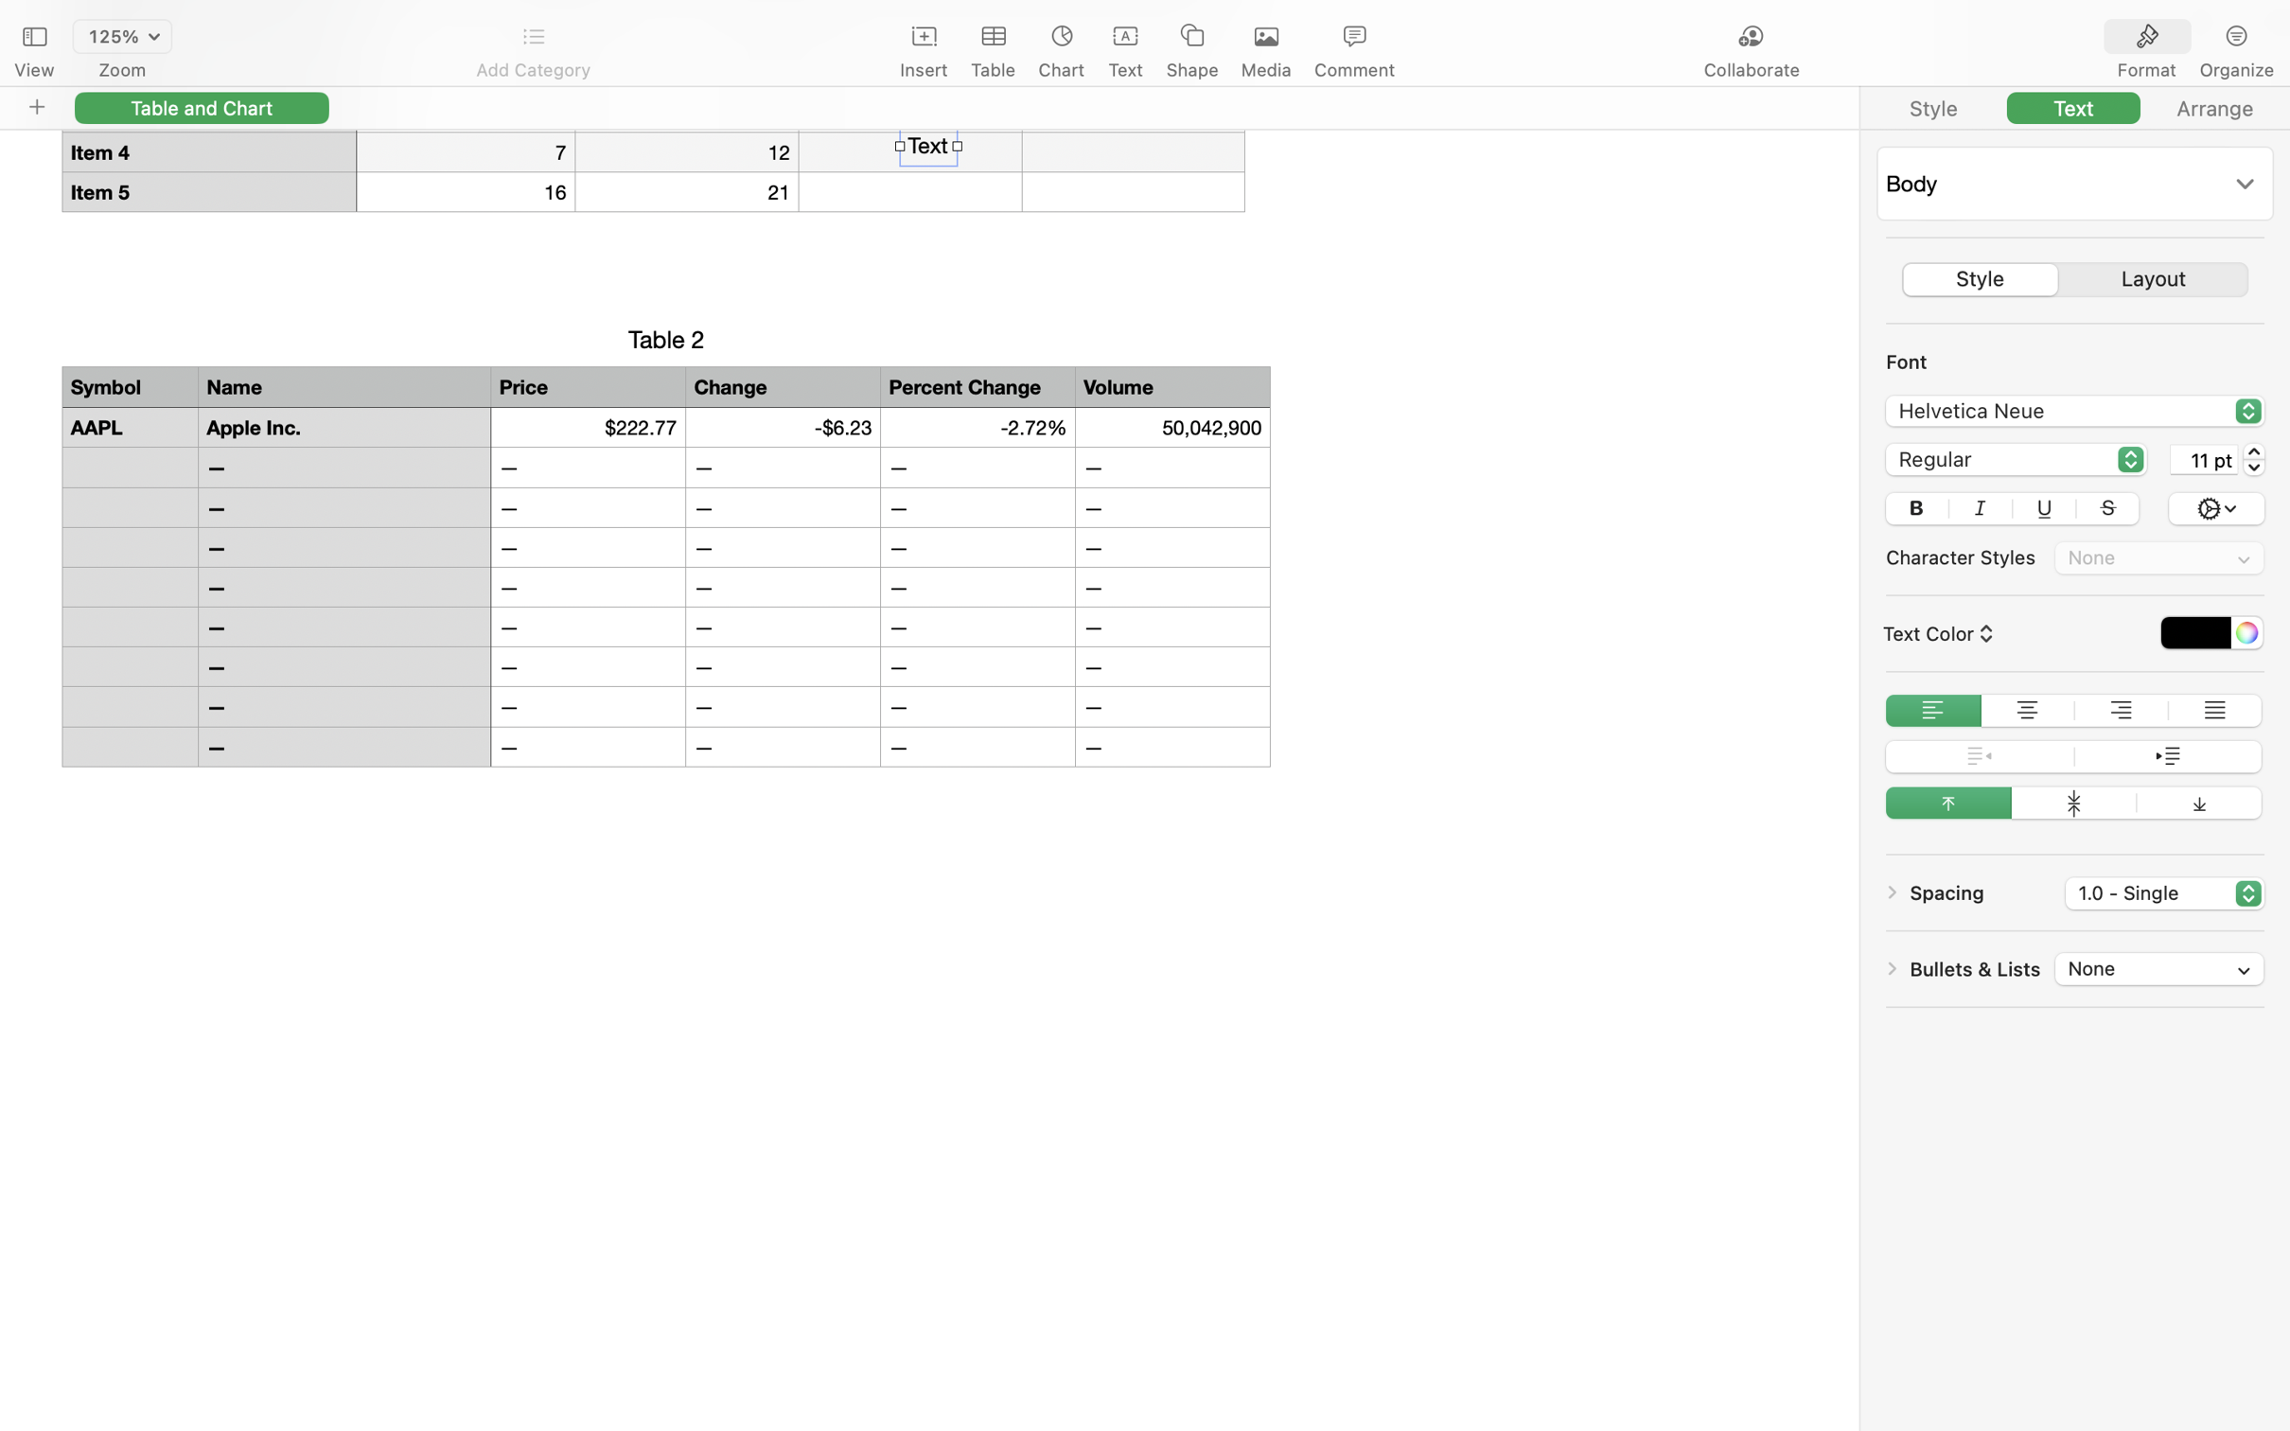  What do you see at coordinates (1974, 967) in the screenshot?
I see `'Bullets & Lists'` at bounding box center [1974, 967].